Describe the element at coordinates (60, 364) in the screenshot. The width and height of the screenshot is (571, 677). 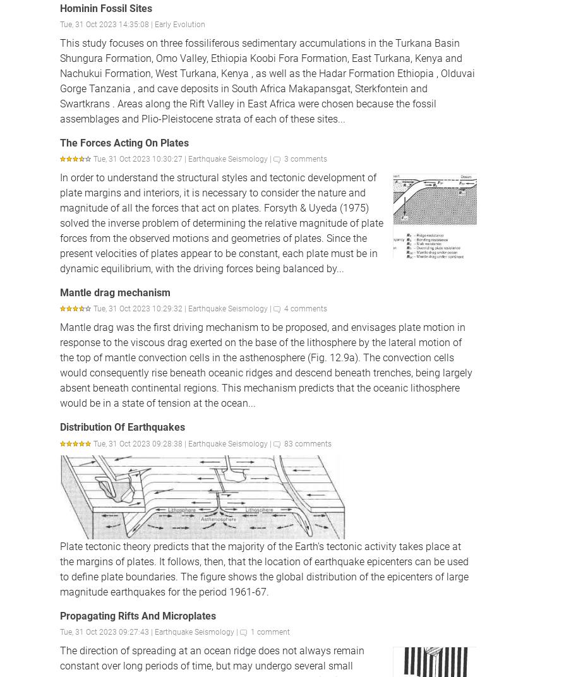
I see `'Mantle drag was the first driving mechanism to be proposed, and envisages plate motion in response to the viscous drag exerted on the base of the lithosphere by the lateral motion of the top of mantle convection cells in the asthenosphere (Fig. 12.9a). The convection cells would consequently rise beneath oceanic ridges and descend beneath trenches, being largely absent beneath continental regions. This mechanism predicts that the oceanic lithosphere would be in a state of tension at the ocean...'` at that location.